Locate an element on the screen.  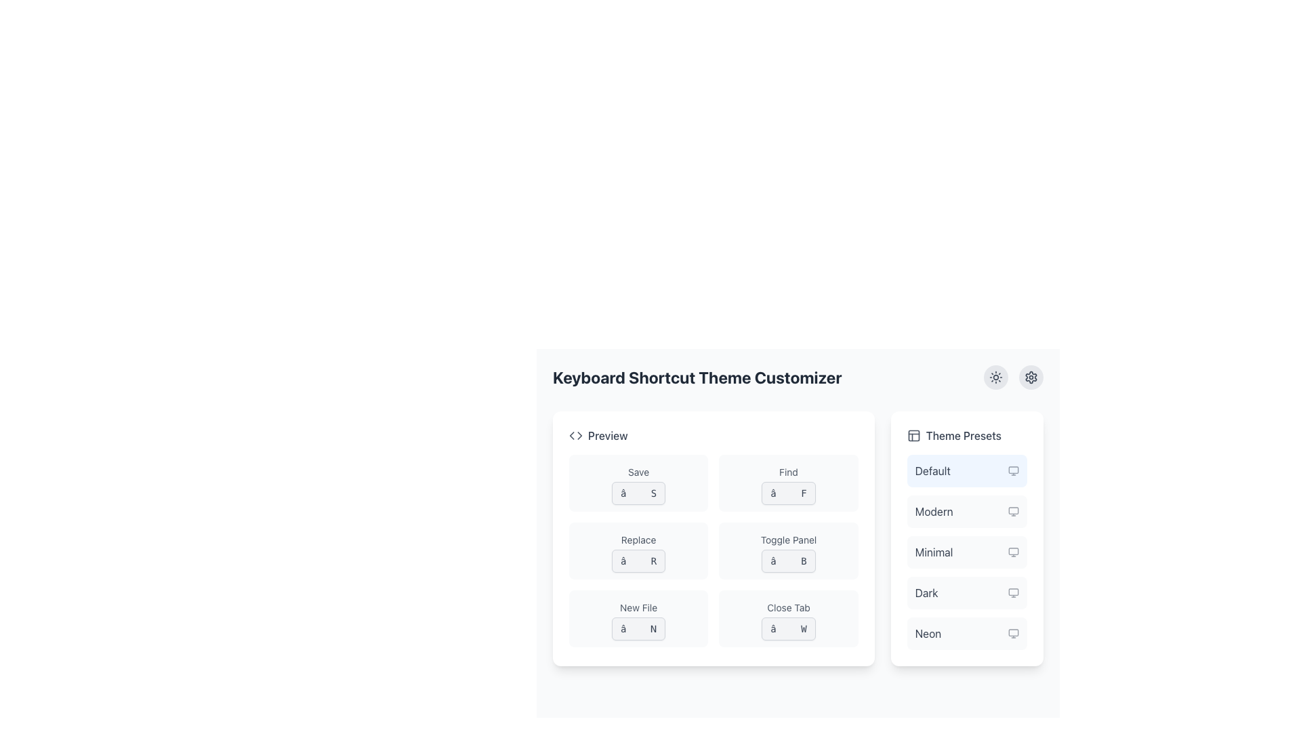
text label 'Theme Presets' which is styled in medium font weight and gray color, located on the right-hand side of the interface adjacent to an icon is located at coordinates (963, 436).